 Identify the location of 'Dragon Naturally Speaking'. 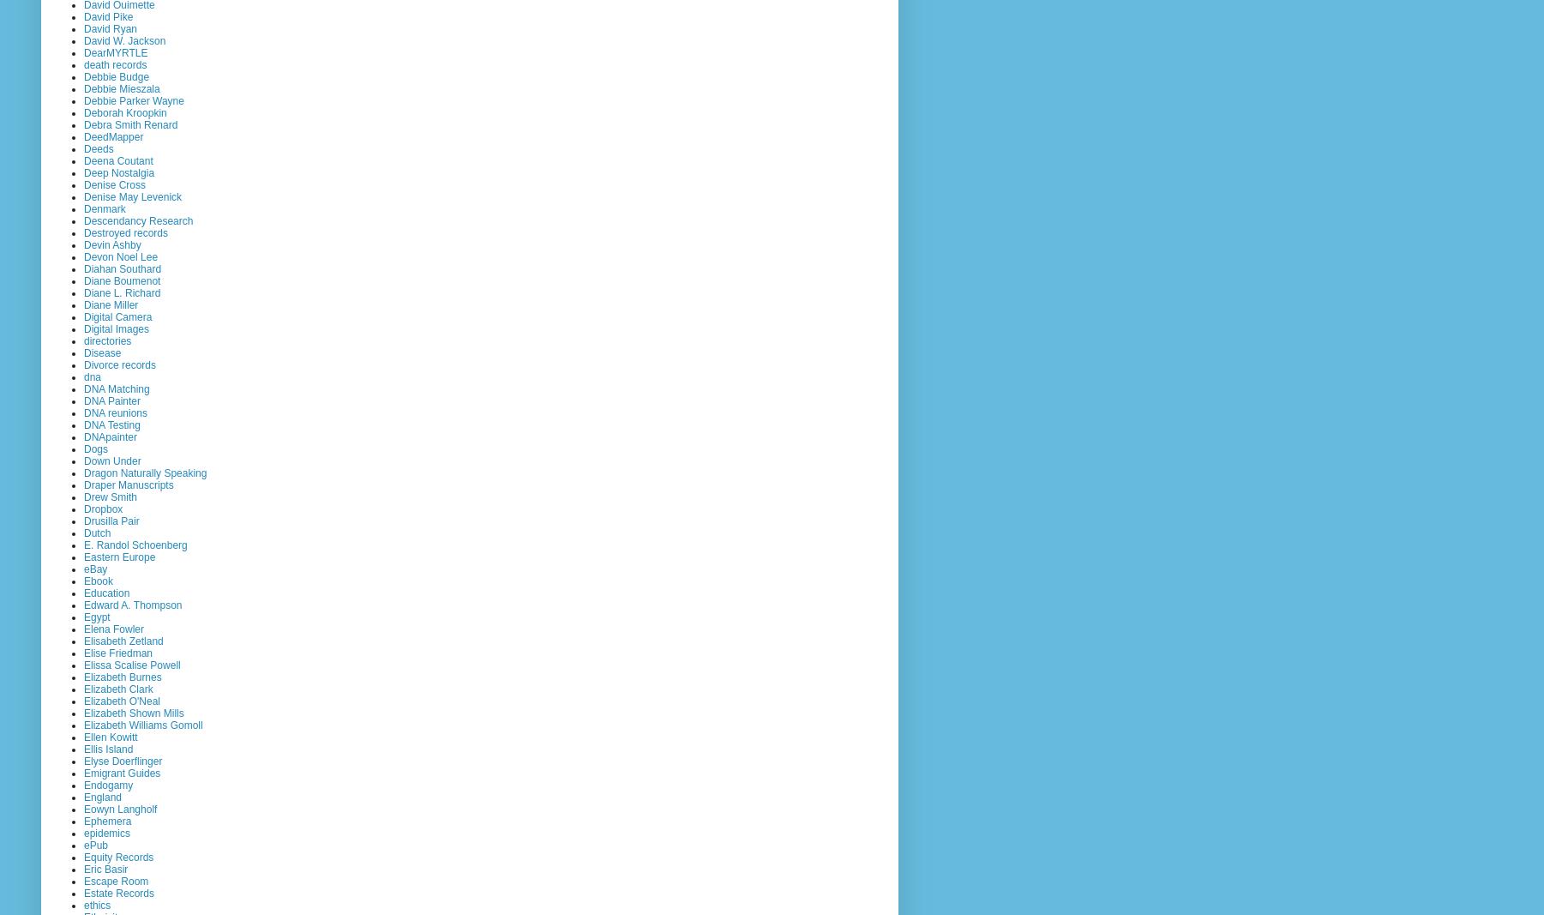
(145, 472).